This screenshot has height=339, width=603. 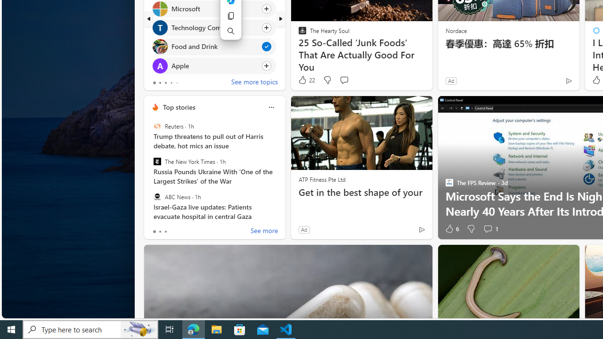 I want to click on 'tab-2', so click(x=166, y=232).